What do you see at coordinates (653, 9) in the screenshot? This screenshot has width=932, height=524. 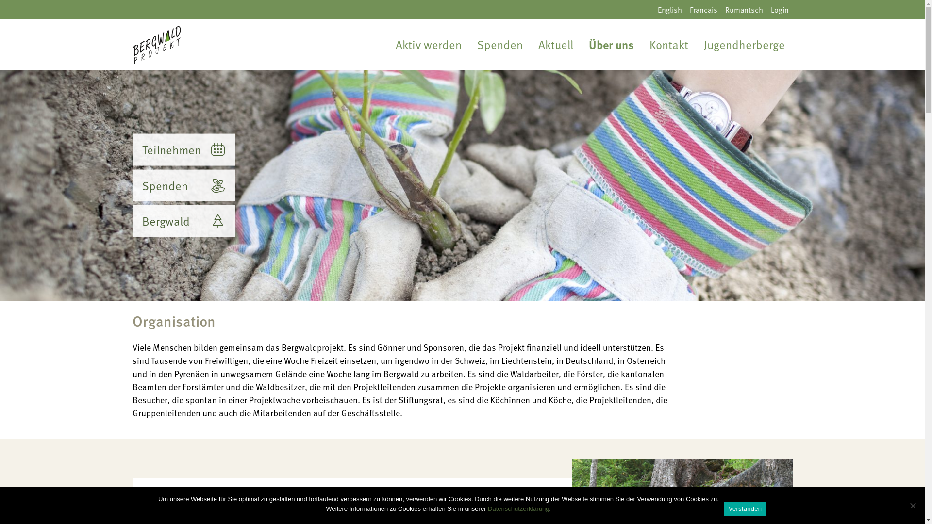 I see `'English'` at bounding box center [653, 9].